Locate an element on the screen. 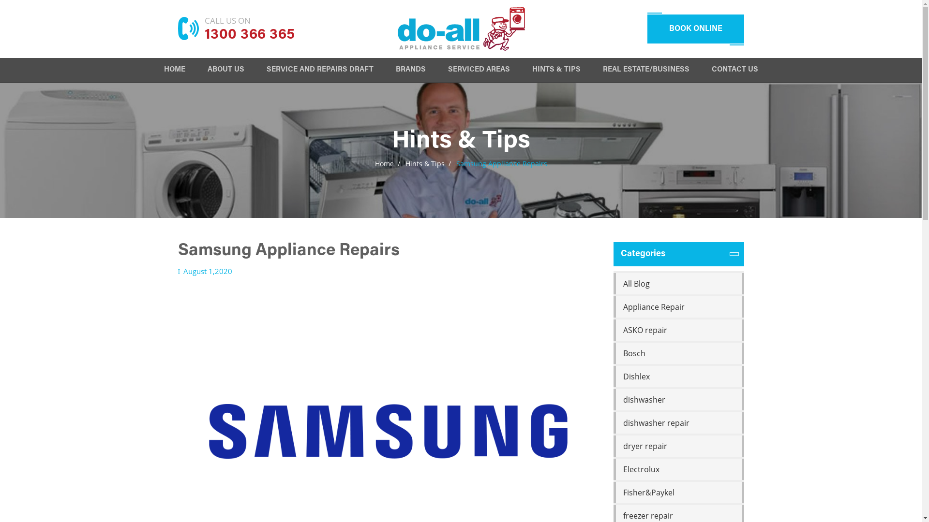 This screenshot has width=929, height=522. '1300 366 365' is located at coordinates (204, 35).